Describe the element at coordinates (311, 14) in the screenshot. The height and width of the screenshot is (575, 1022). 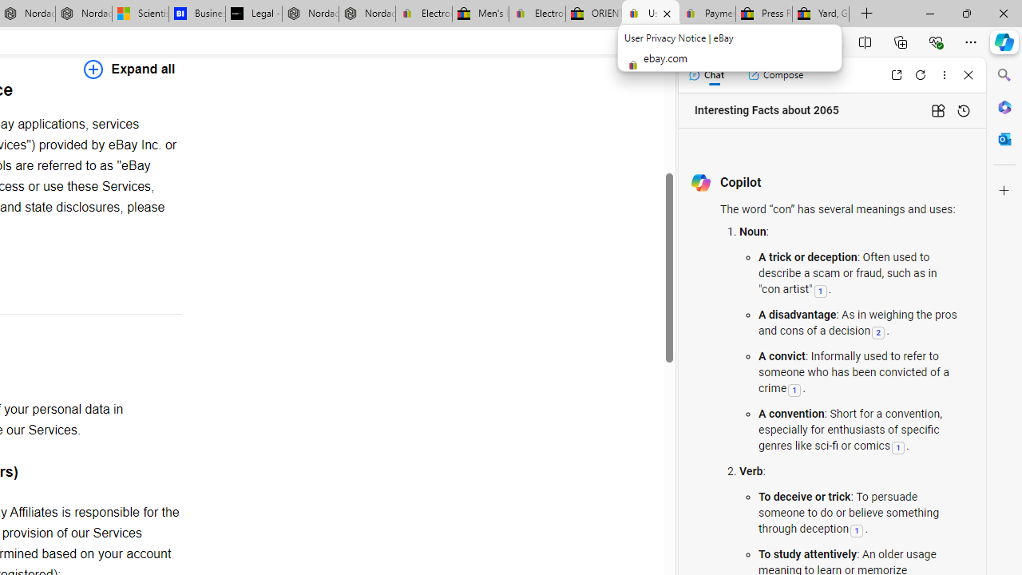
I see `'Nordace - Summer Adventures 2024'` at that location.